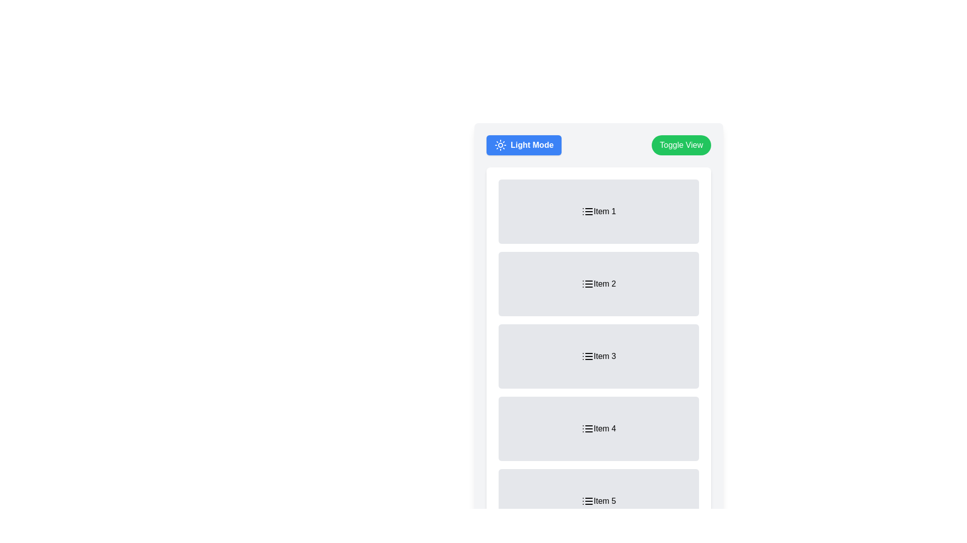 This screenshot has width=967, height=543. Describe the element at coordinates (587, 356) in the screenshot. I see `the menu icon located at the top-left corner of the 'Item 3' card` at that location.